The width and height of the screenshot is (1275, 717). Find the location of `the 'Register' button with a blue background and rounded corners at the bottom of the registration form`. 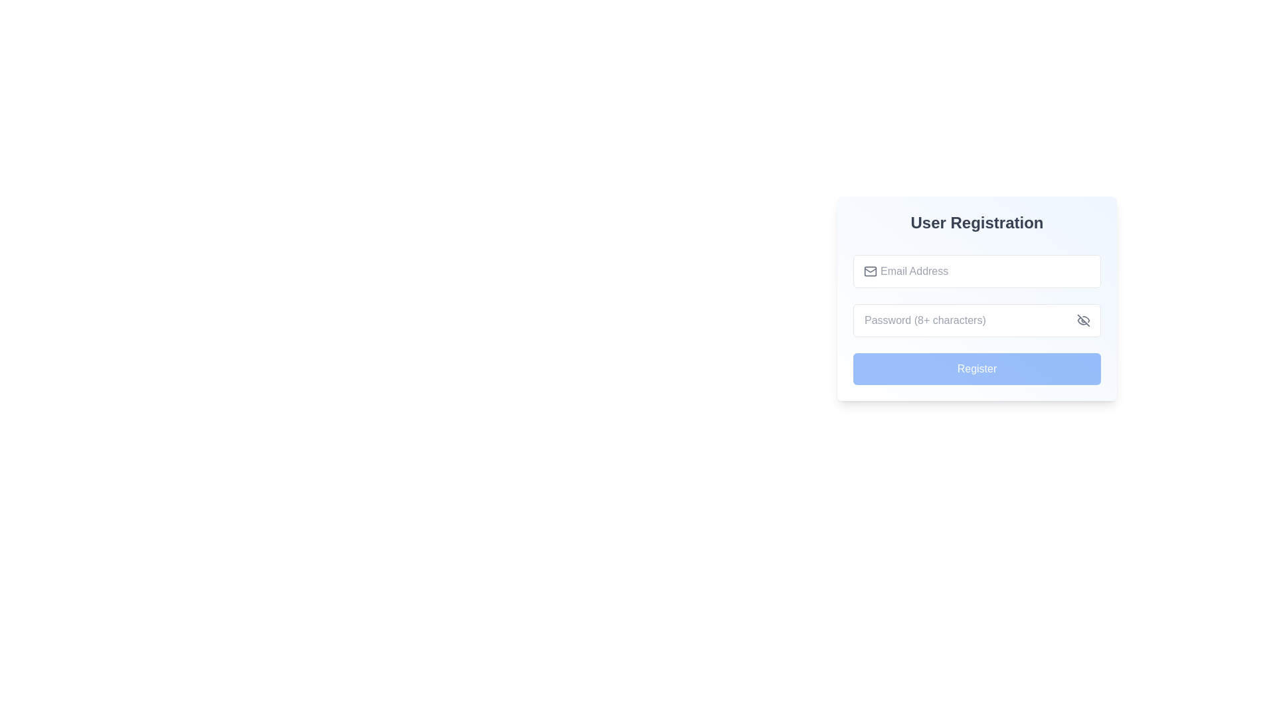

the 'Register' button with a blue background and rounded corners at the bottom of the registration form is located at coordinates (977, 368).